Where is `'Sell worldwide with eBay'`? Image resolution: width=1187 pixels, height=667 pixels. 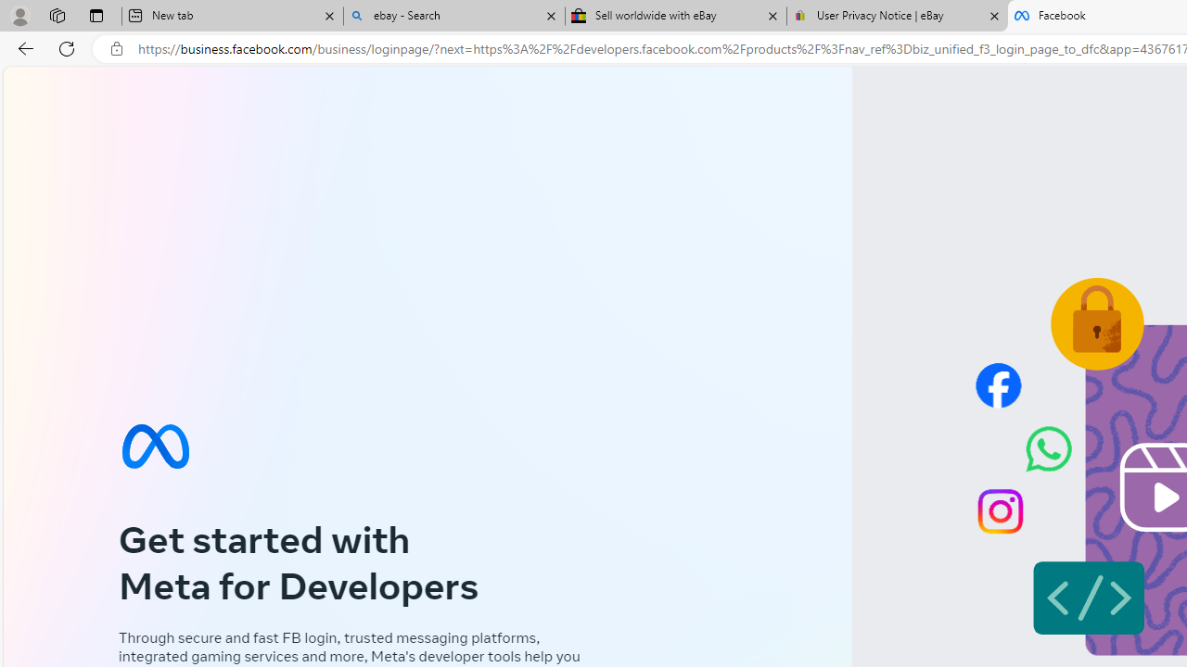
'Sell worldwide with eBay' is located at coordinates (675, 16).